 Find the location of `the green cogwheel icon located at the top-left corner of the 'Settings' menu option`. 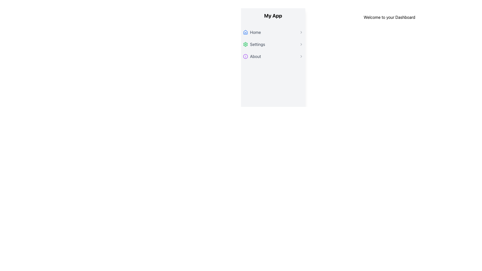

the green cogwheel icon located at the top-left corner of the 'Settings' menu option is located at coordinates (246, 44).